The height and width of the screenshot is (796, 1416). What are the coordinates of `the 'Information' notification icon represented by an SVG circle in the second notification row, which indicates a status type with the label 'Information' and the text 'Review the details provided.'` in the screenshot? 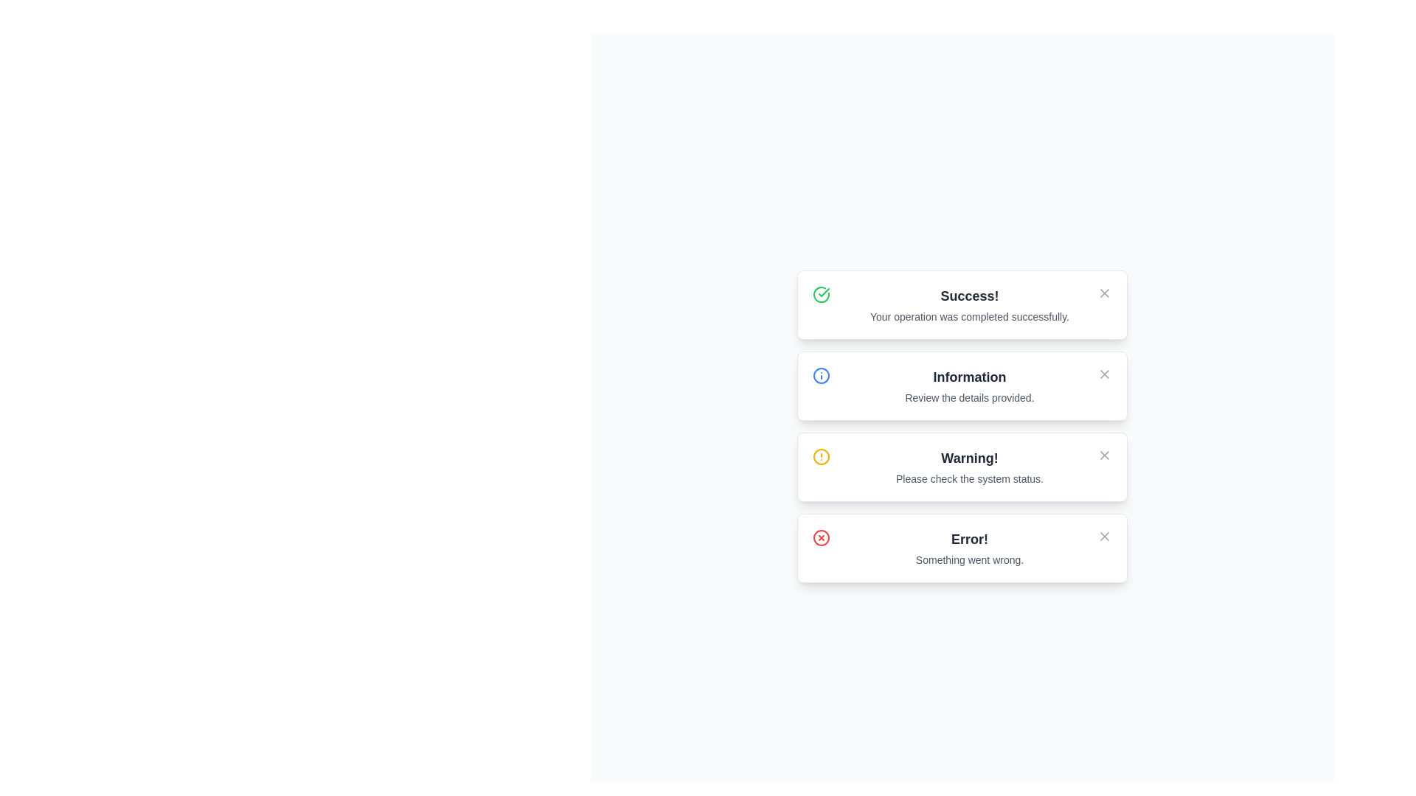 It's located at (820, 374).